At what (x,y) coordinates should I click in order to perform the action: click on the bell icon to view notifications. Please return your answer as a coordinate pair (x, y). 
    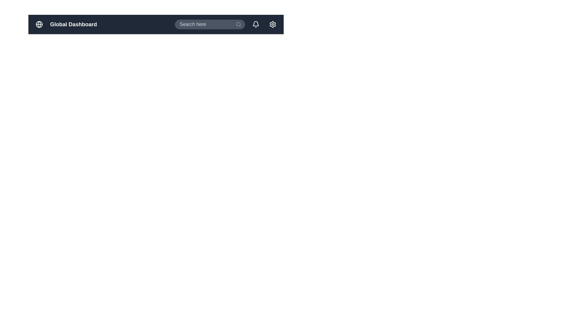
    Looking at the image, I should click on (256, 24).